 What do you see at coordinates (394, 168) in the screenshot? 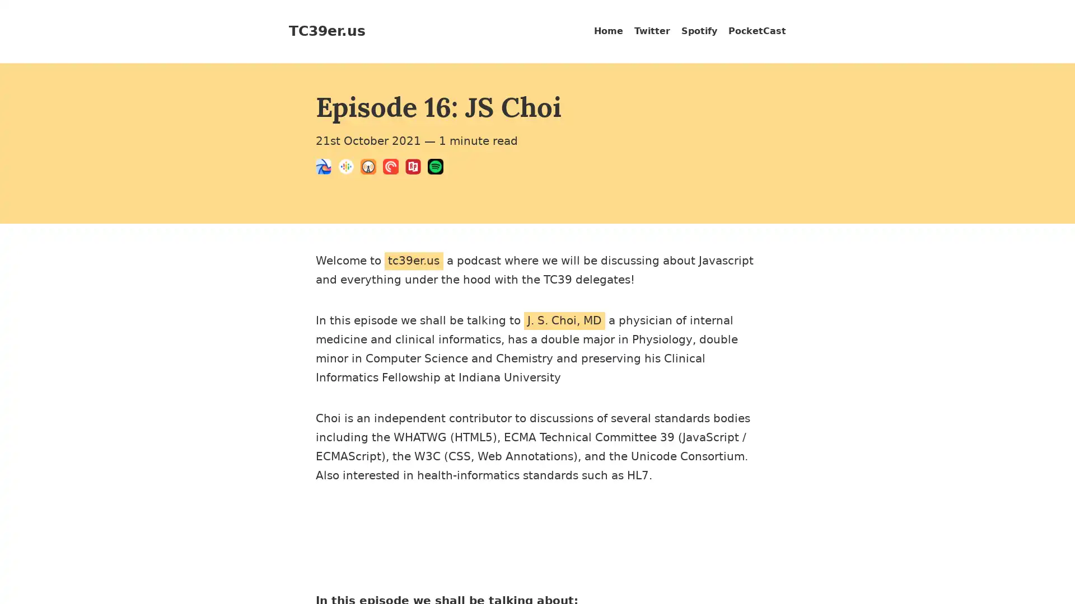
I see `Pocket Casts Logo` at bounding box center [394, 168].